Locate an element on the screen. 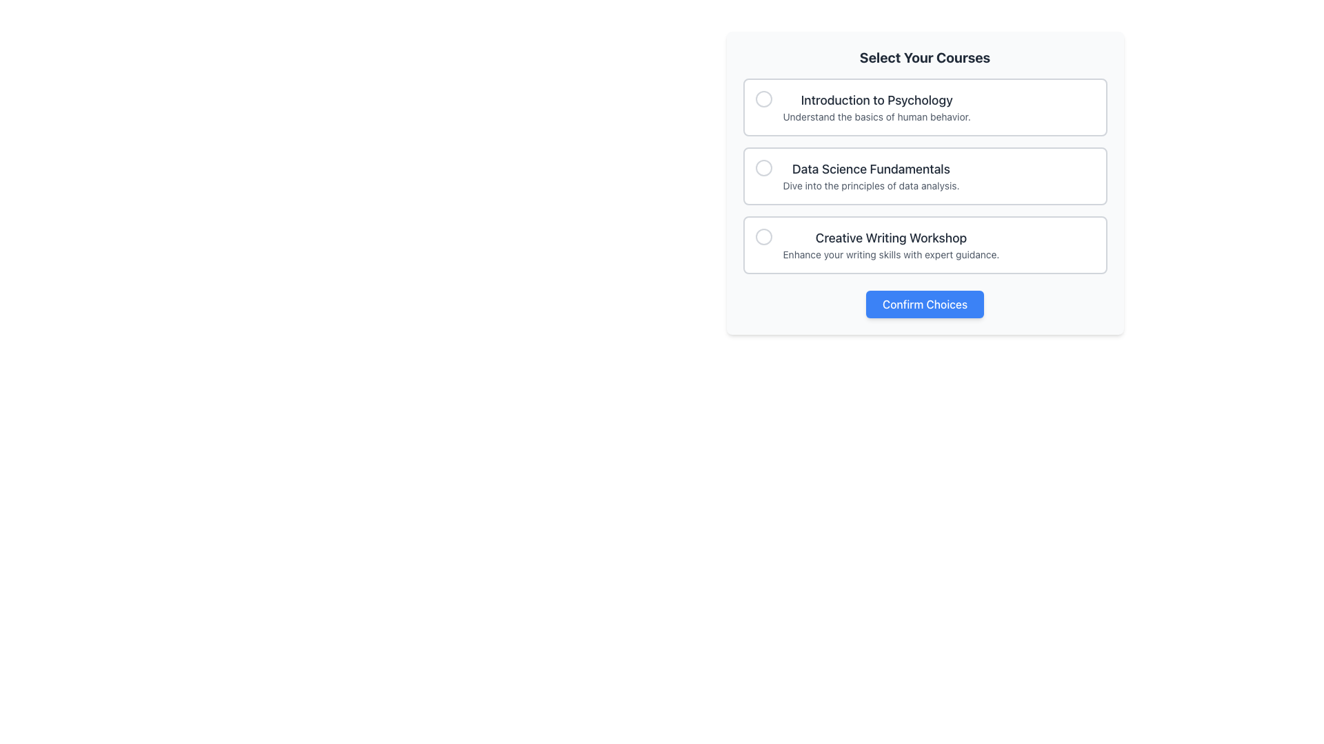 The width and height of the screenshot is (1324, 744). the selectable card for the 'Data Science Fundamentals' course, which is the second item in the course list is located at coordinates (925, 175).